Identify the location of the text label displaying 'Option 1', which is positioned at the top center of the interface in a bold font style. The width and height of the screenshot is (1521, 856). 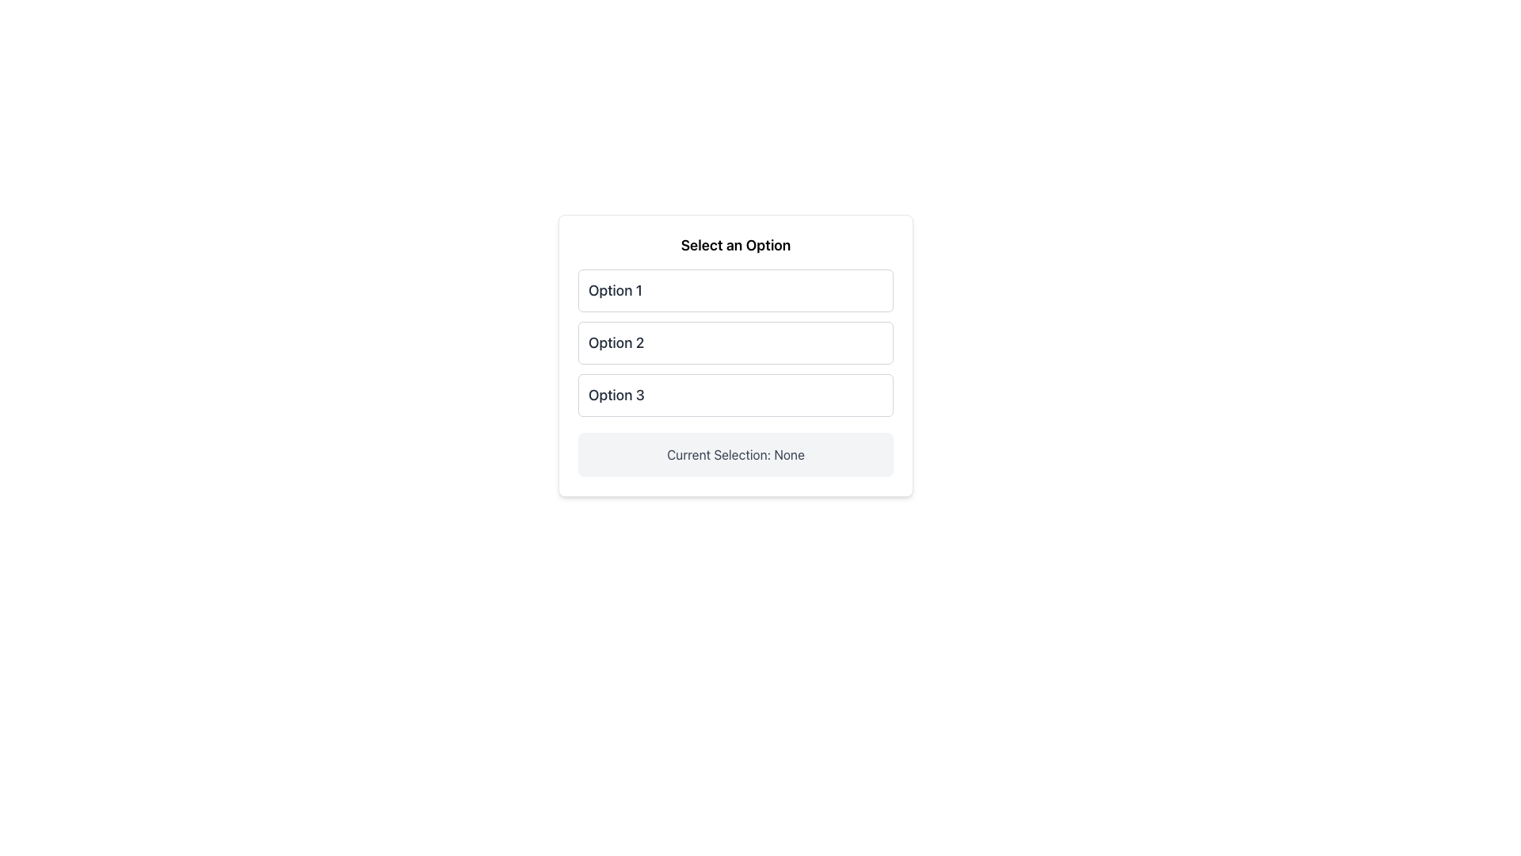
(615, 290).